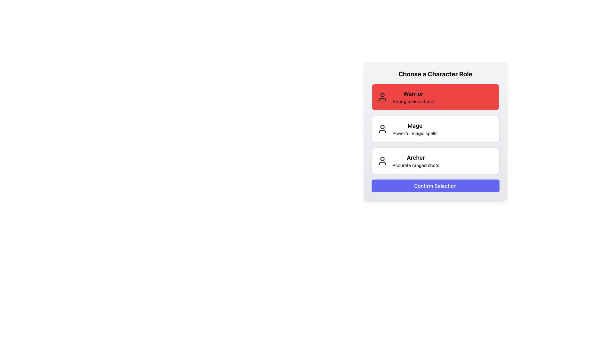  I want to click on the red background rectangle that visually indicates the 'Warrior' option in the character selection interface, so click(382, 97).